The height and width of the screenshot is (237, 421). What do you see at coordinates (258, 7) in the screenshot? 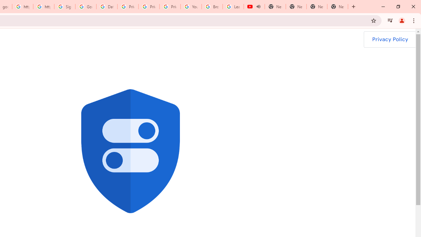
I see `'Mute tab'` at bounding box center [258, 7].